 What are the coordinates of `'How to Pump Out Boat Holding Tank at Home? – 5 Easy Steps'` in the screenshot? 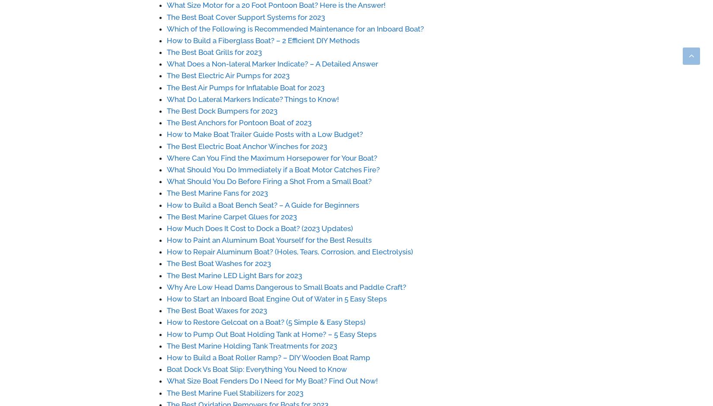 It's located at (166, 333).